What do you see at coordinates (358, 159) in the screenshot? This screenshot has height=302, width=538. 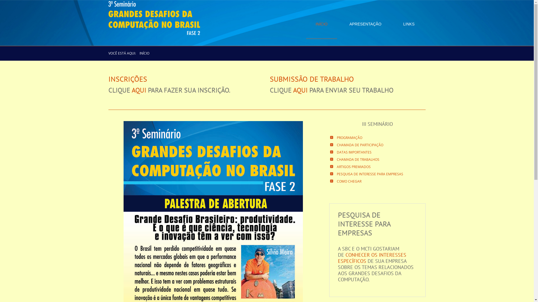 I see `'CHAMADA DE TRABALHOS'` at bounding box center [358, 159].